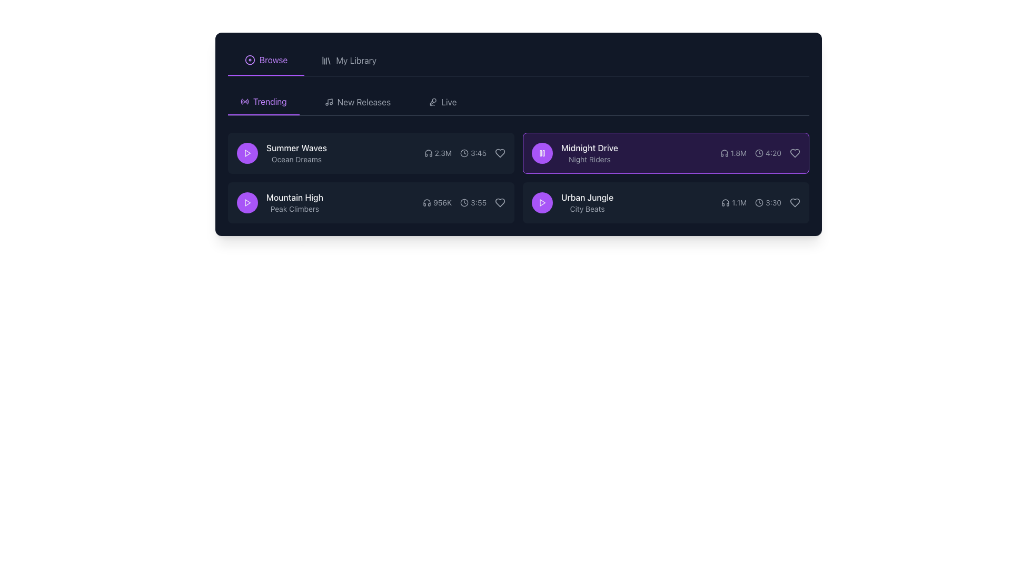 The image size is (1011, 569). Describe the element at coordinates (266, 61) in the screenshot. I see `the 'Browse' tab in the navigation bar` at that location.